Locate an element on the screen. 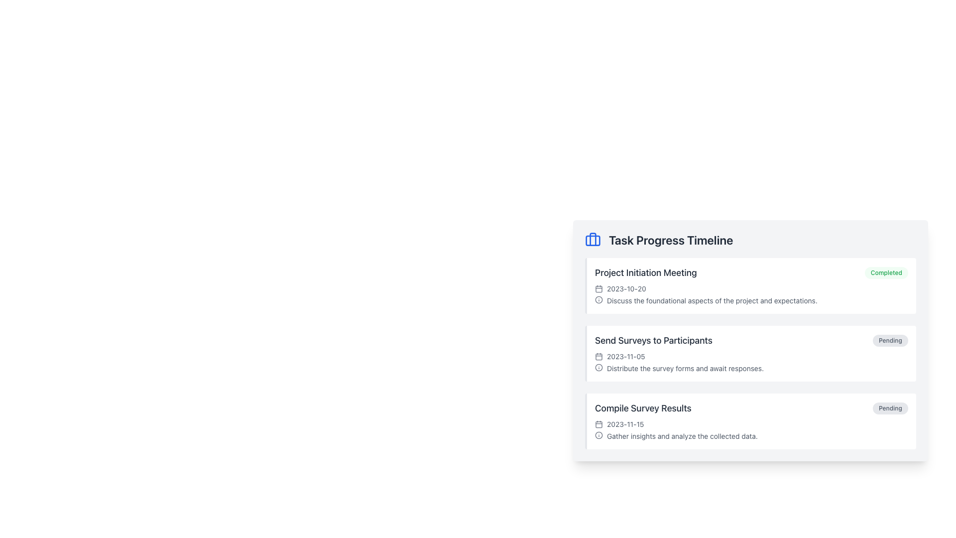 The width and height of the screenshot is (956, 538). the text label that provides the title of a task in the 'Task Progress Timeline' interface, positioned above the task date '2023-11-15' and aligned to the left with a 'Pending' status is located at coordinates (643, 408).